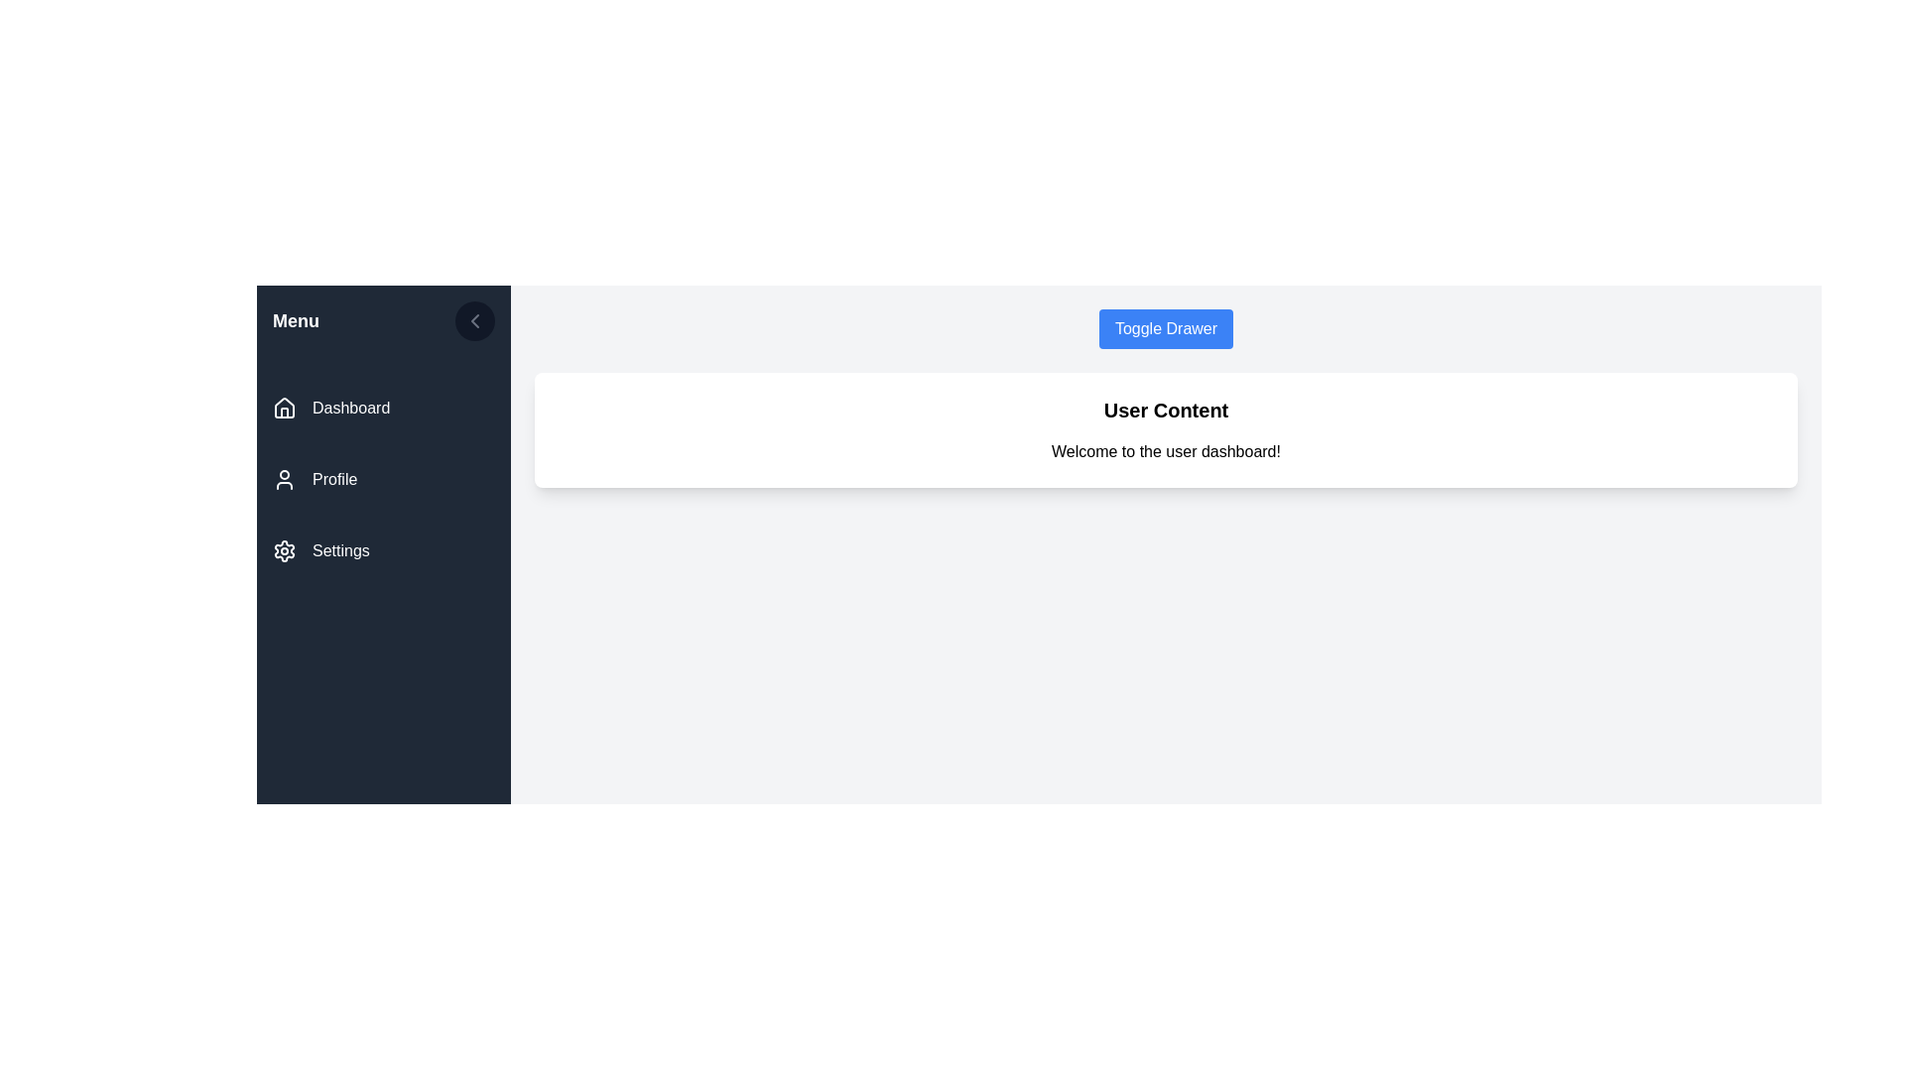  What do you see at coordinates (284, 550) in the screenshot?
I see `the gear icon resembling settings, which is located to the left of the 'Settings' text in the vertical menu` at bounding box center [284, 550].